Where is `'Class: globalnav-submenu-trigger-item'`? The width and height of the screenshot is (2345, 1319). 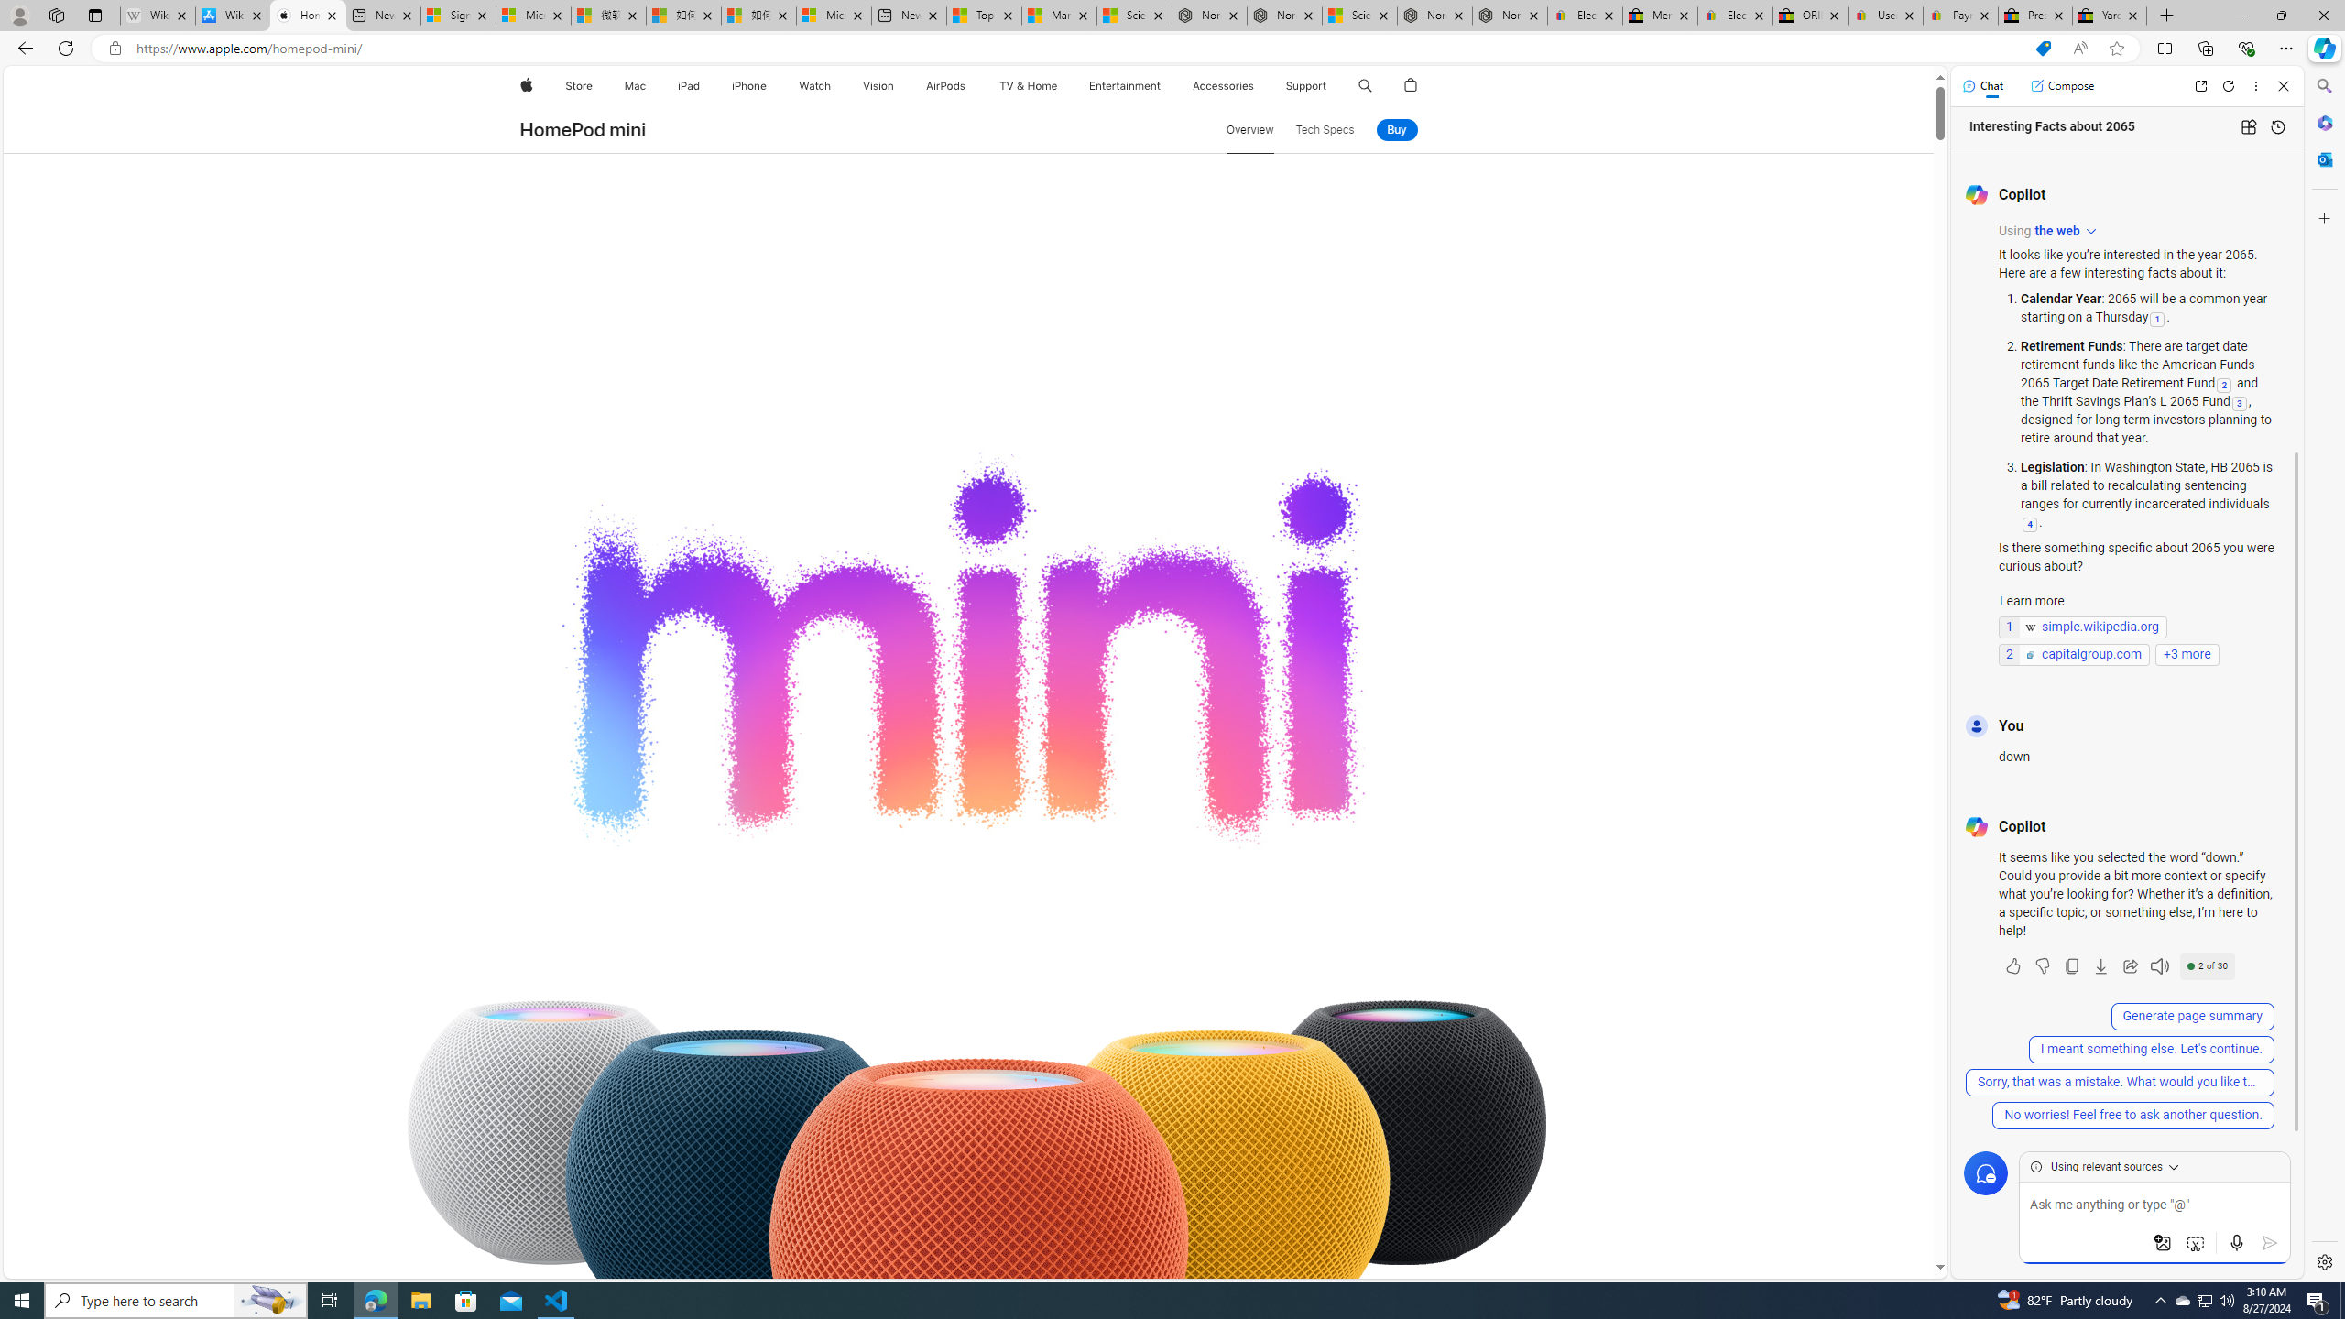 'Class: globalnav-submenu-trigger-item' is located at coordinates (1329, 85).